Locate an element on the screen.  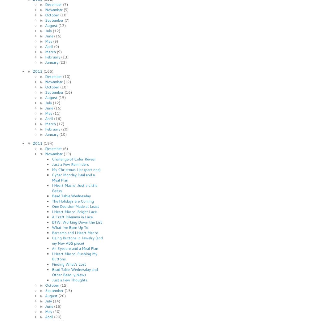
'2011' is located at coordinates (32, 143).